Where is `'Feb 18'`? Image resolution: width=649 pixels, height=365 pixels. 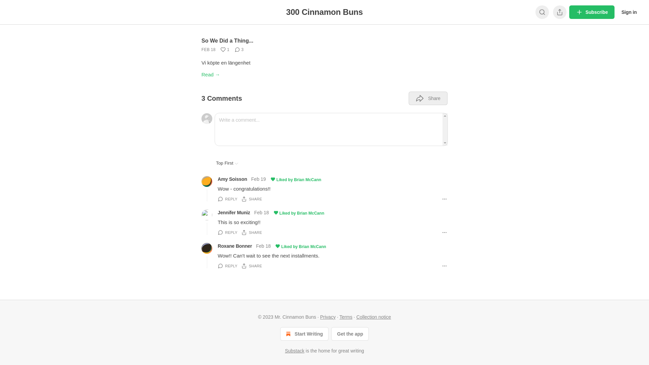
'Feb 18' is located at coordinates (263, 246).